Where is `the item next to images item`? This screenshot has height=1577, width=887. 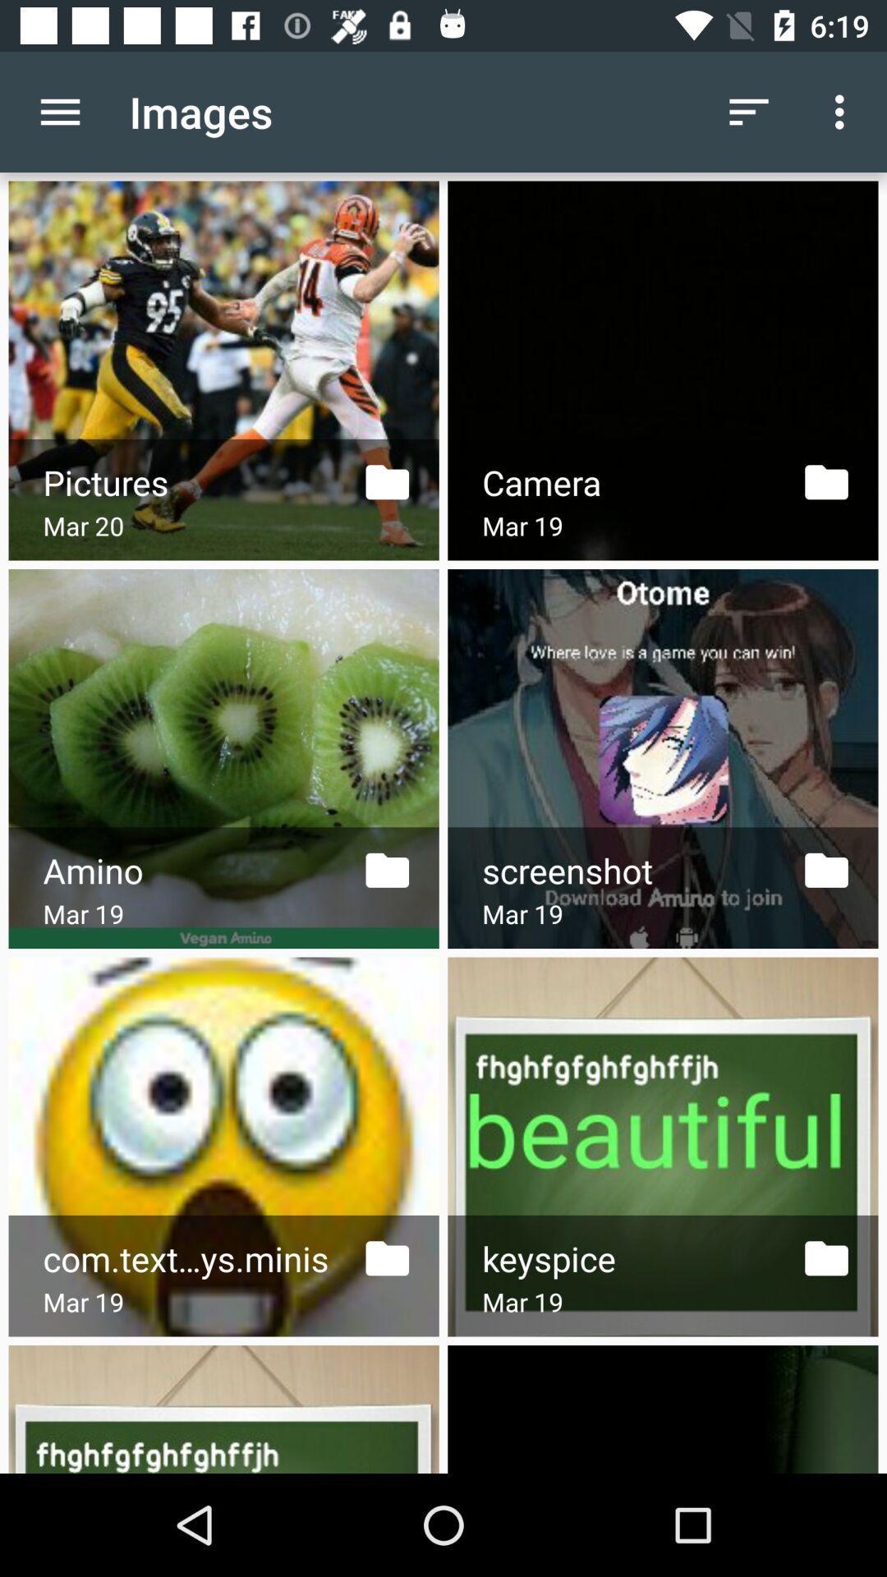
the item next to images item is located at coordinates (748, 111).